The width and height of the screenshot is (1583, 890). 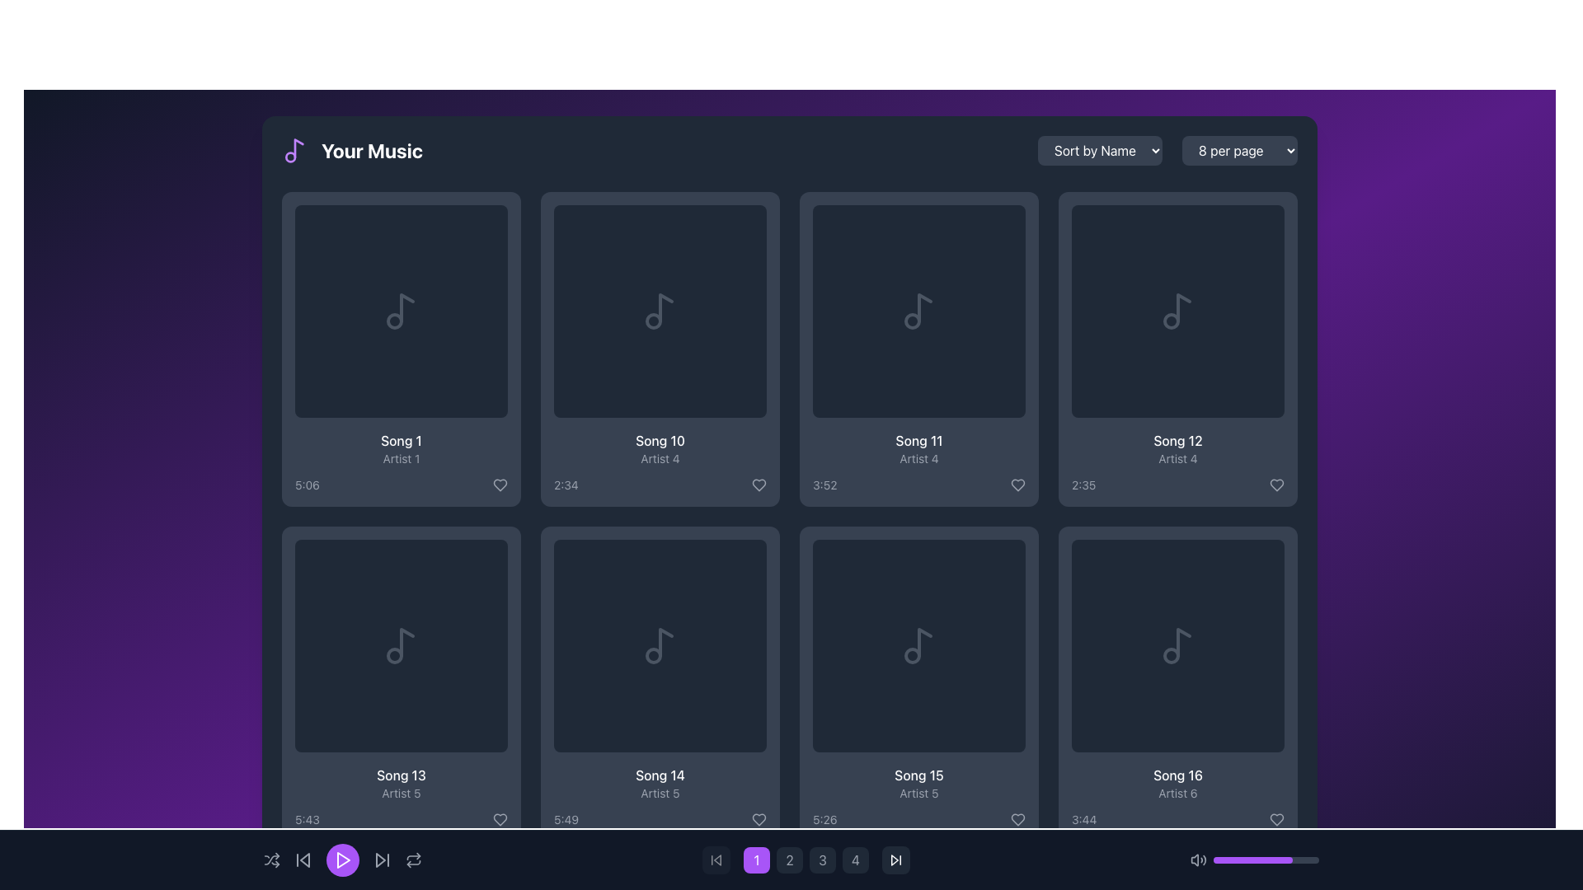 I want to click on the dark gray square media icon with a note symbol in the center, so click(x=660, y=644).